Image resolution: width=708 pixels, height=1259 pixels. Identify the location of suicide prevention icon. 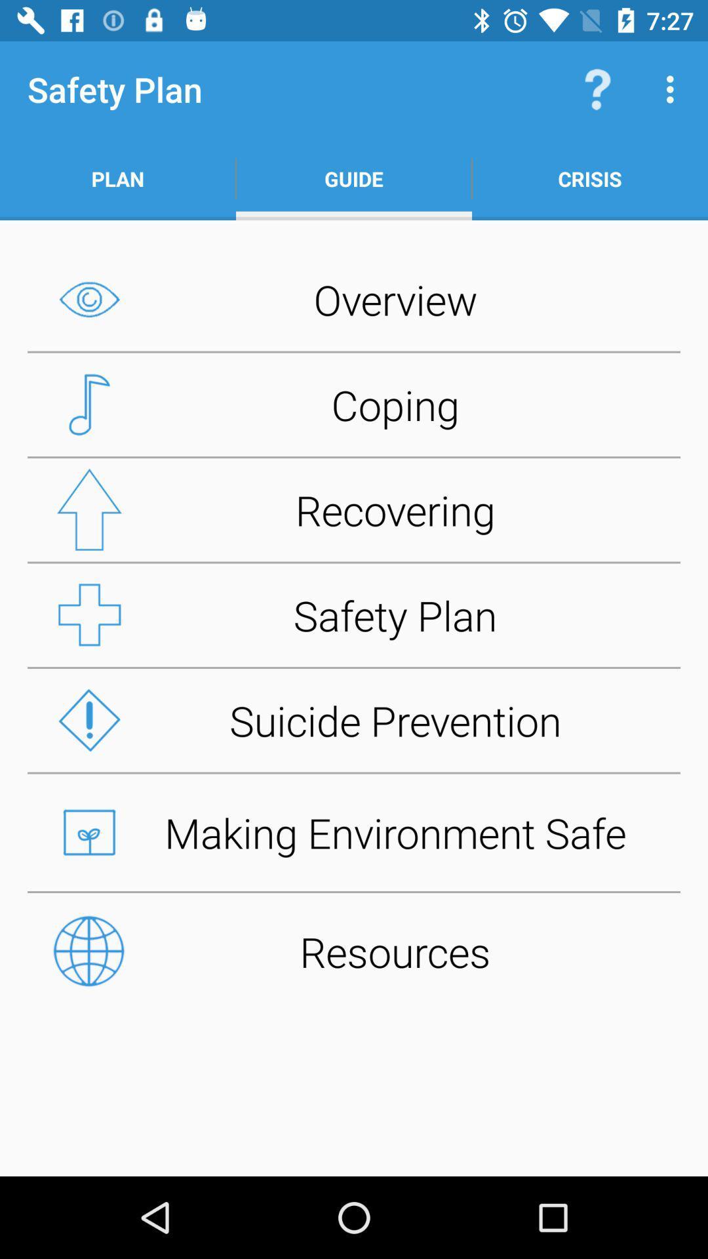
(354, 719).